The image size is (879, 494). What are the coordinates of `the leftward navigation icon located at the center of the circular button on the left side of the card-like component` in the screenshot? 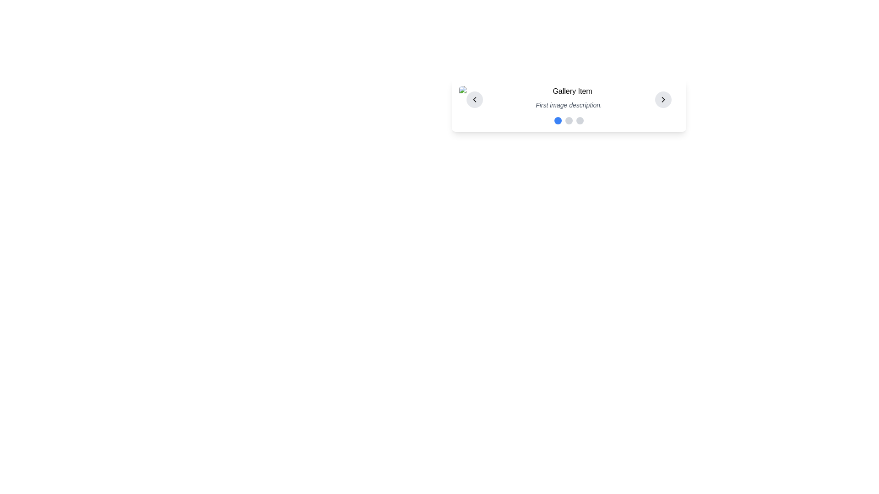 It's located at (474, 100).